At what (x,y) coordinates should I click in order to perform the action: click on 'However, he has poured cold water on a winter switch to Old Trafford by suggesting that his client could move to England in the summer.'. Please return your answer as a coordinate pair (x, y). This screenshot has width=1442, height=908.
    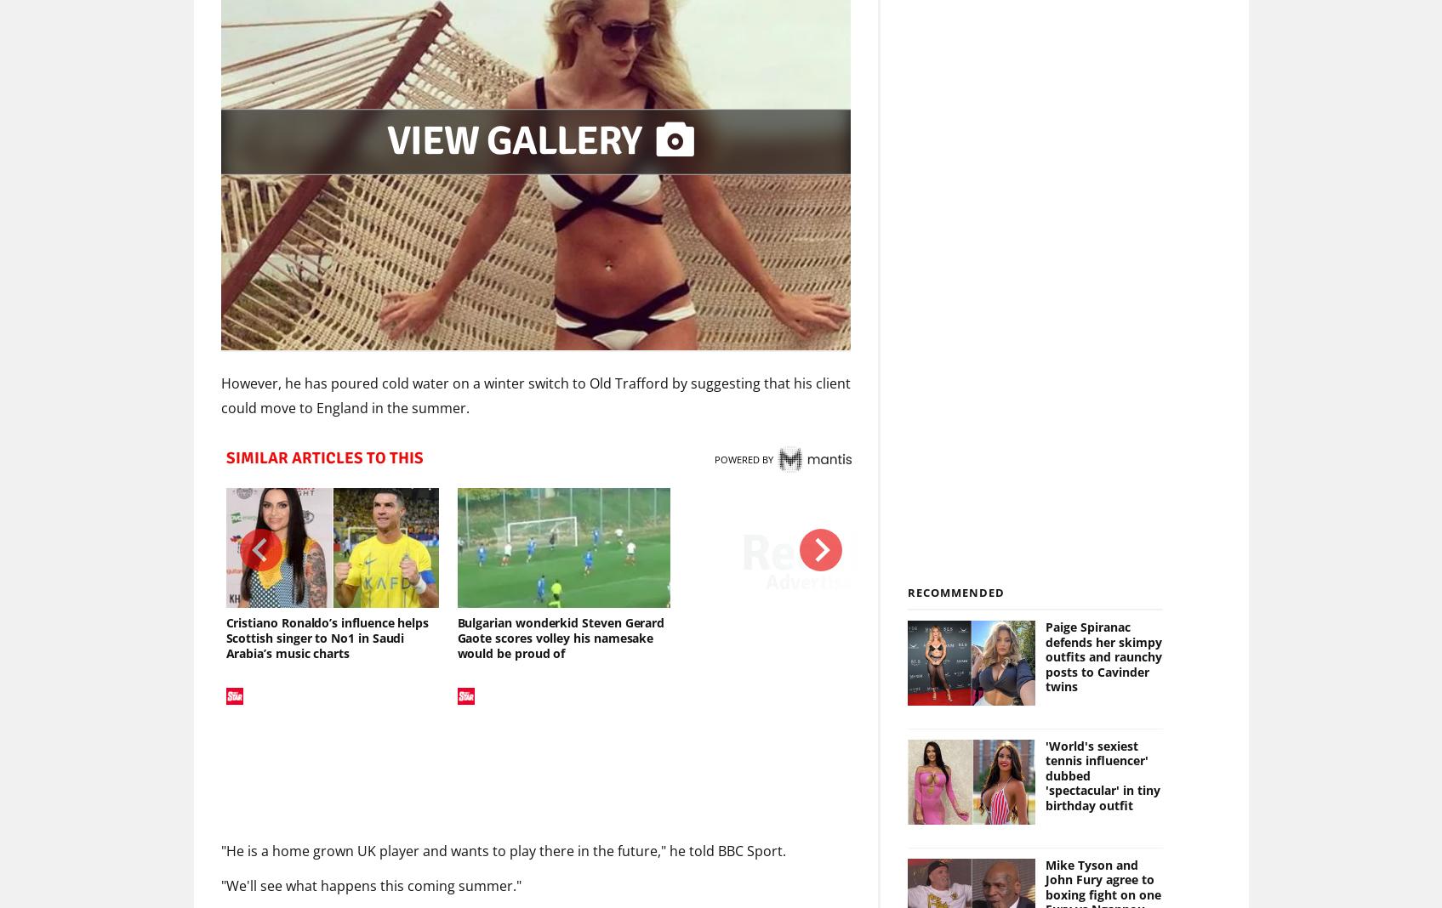
    Looking at the image, I should click on (534, 394).